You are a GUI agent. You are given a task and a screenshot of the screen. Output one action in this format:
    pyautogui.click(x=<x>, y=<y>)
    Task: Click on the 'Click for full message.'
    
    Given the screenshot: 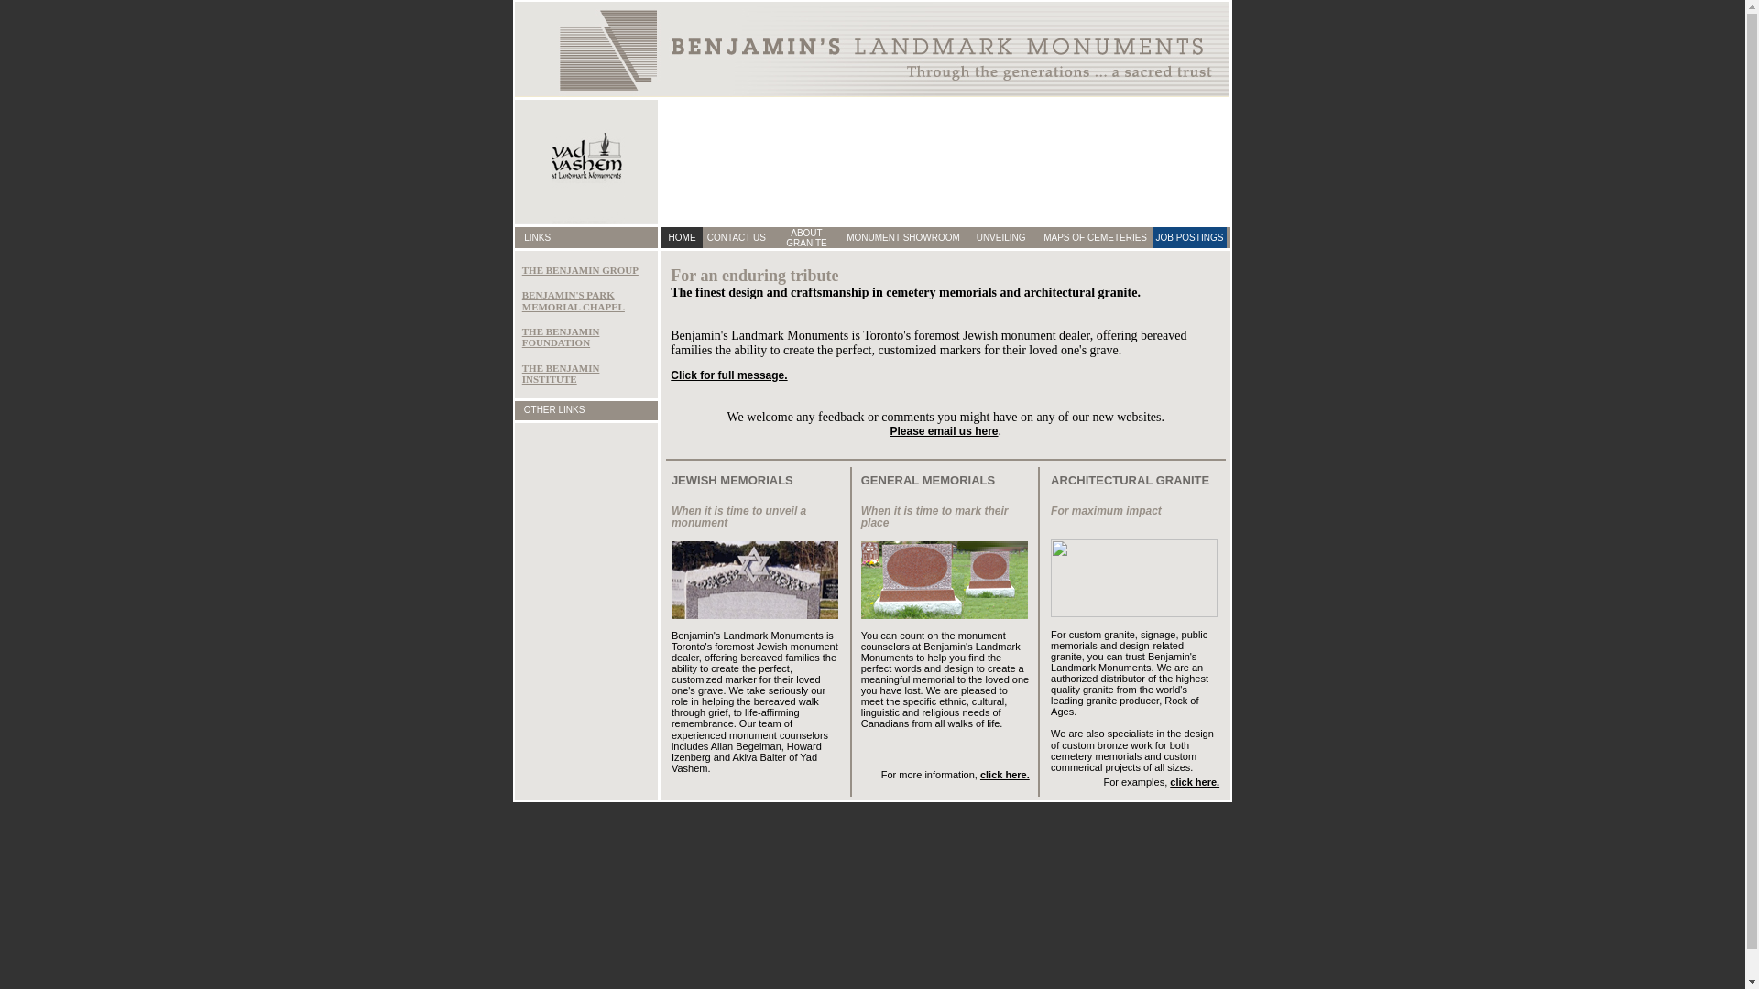 What is the action you would take?
    pyautogui.click(x=727, y=374)
    